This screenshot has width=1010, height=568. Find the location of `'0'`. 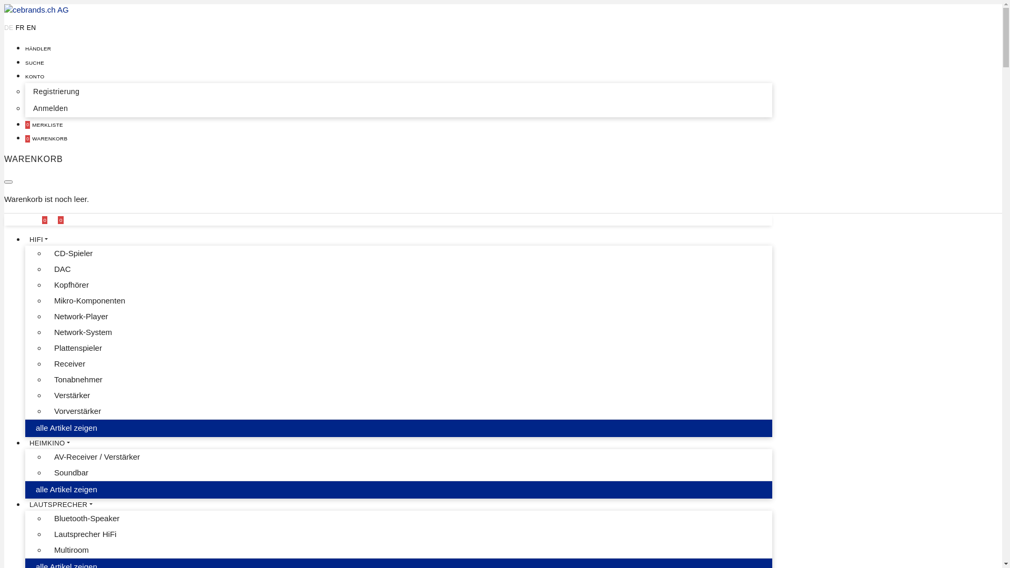

'0' is located at coordinates (60, 218).